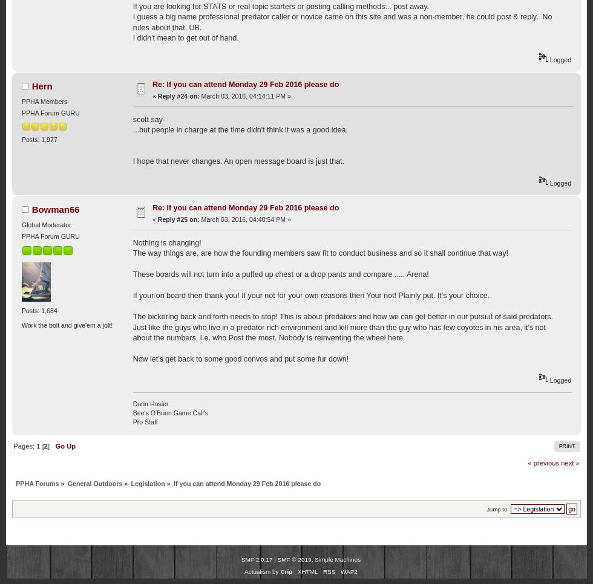 Image resolution: width=593 pixels, height=584 pixels. I want to click on ',', so click(313, 559).